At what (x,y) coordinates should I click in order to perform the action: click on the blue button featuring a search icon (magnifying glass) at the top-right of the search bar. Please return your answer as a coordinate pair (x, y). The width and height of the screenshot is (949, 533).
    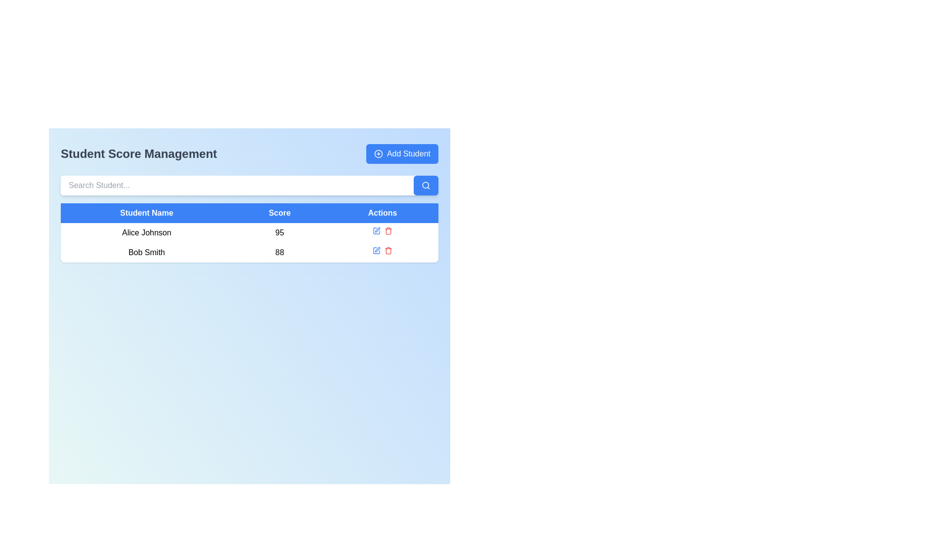
    Looking at the image, I should click on (426, 185).